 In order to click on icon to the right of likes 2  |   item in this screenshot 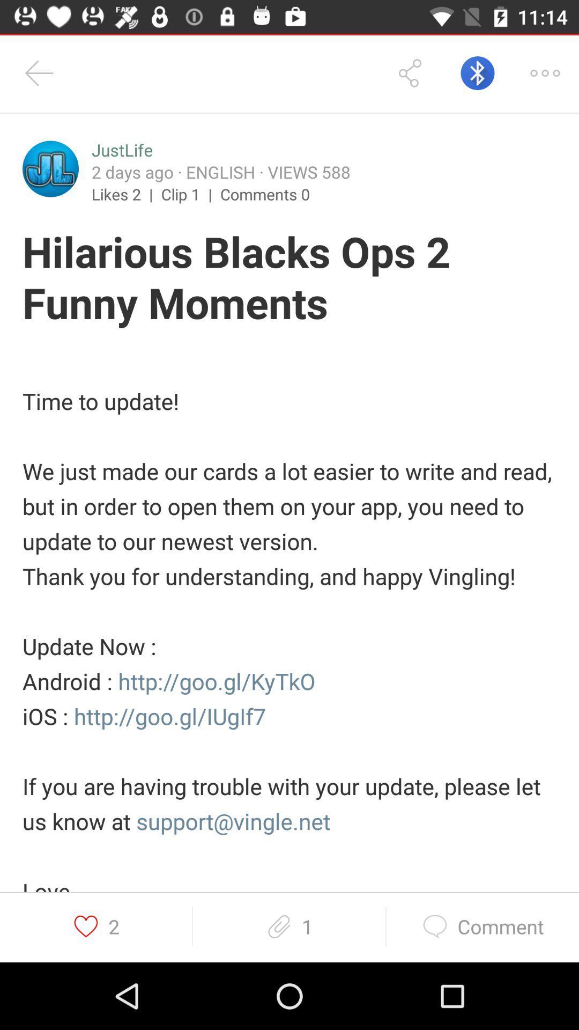, I will do `click(190, 194)`.